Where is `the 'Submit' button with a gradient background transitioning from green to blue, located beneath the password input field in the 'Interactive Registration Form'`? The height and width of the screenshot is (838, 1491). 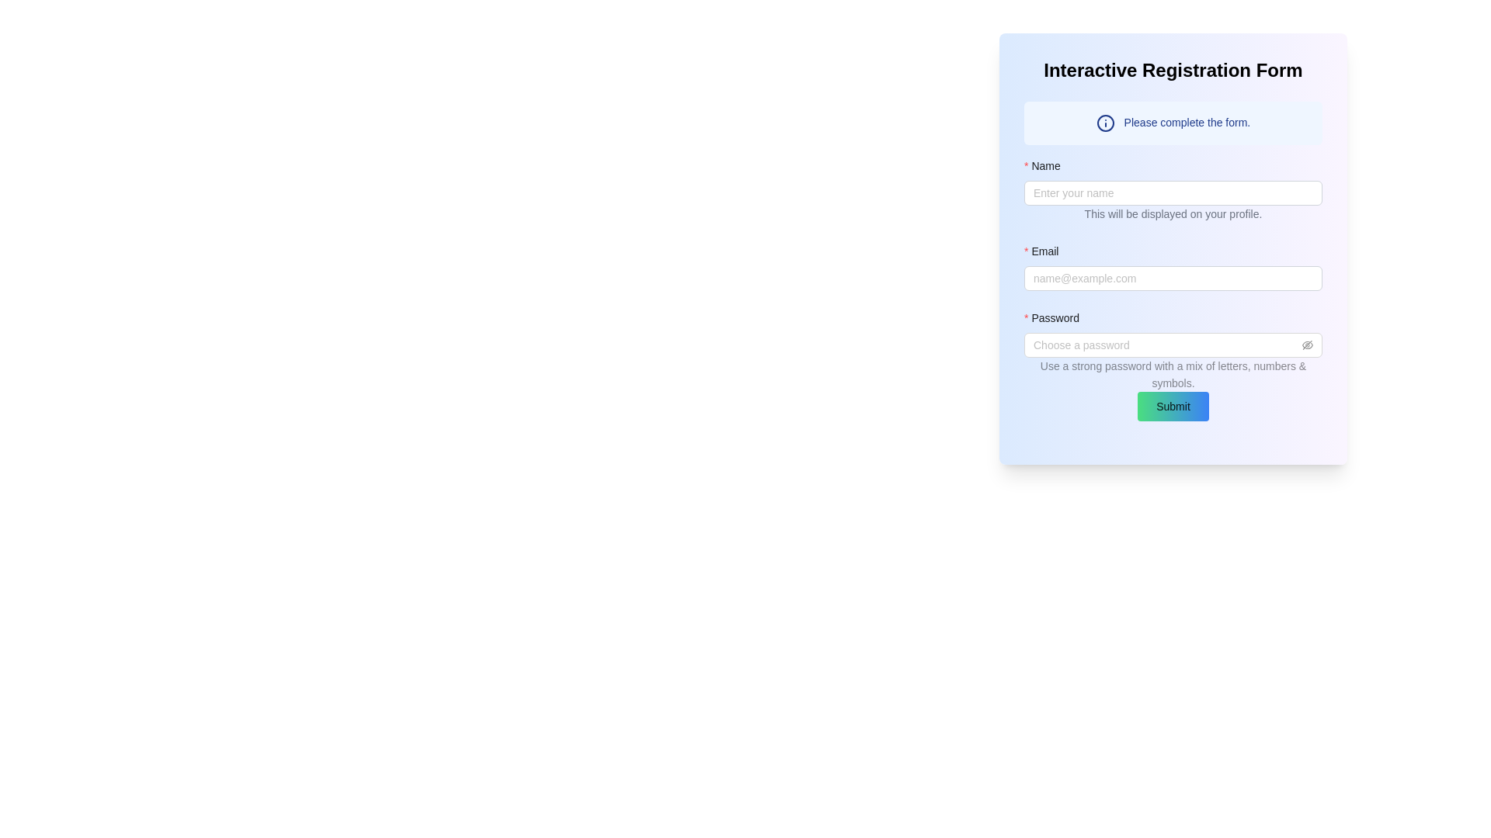 the 'Submit' button with a gradient background transitioning from green to blue, located beneath the password input field in the 'Interactive Registration Form' is located at coordinates (1173, 406).